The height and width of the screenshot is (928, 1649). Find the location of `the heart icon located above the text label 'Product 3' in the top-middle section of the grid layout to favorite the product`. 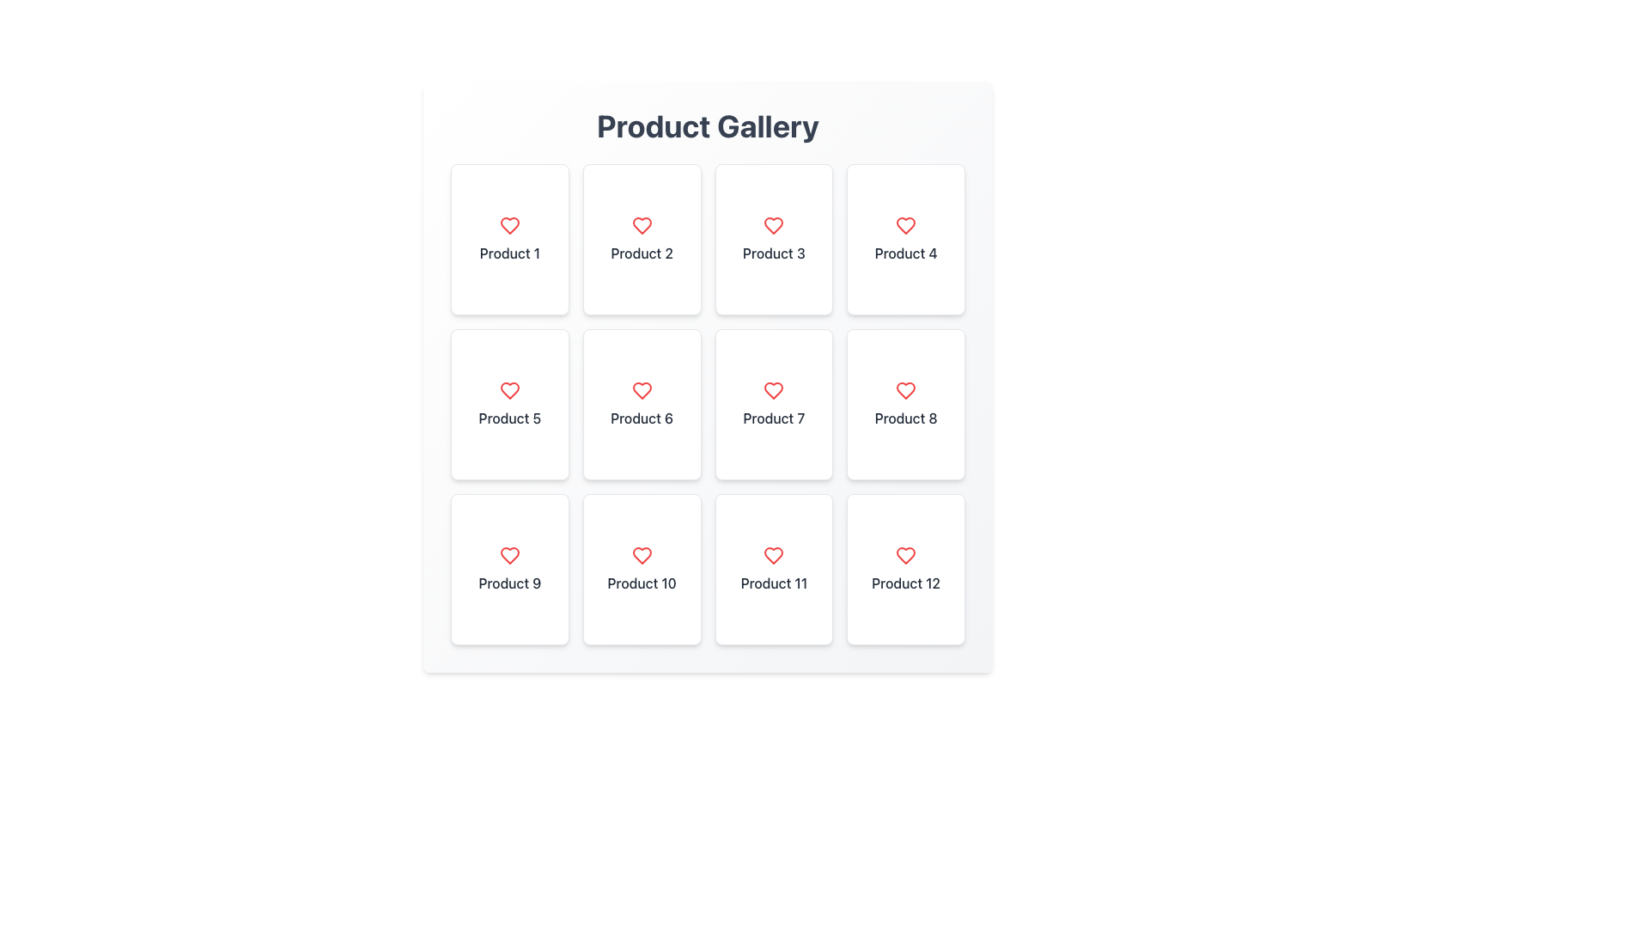

the heart icon located above the text label 'Product 3' in the top-middle section of the grid layout to favorite the product is located at coordinates (773, 224).